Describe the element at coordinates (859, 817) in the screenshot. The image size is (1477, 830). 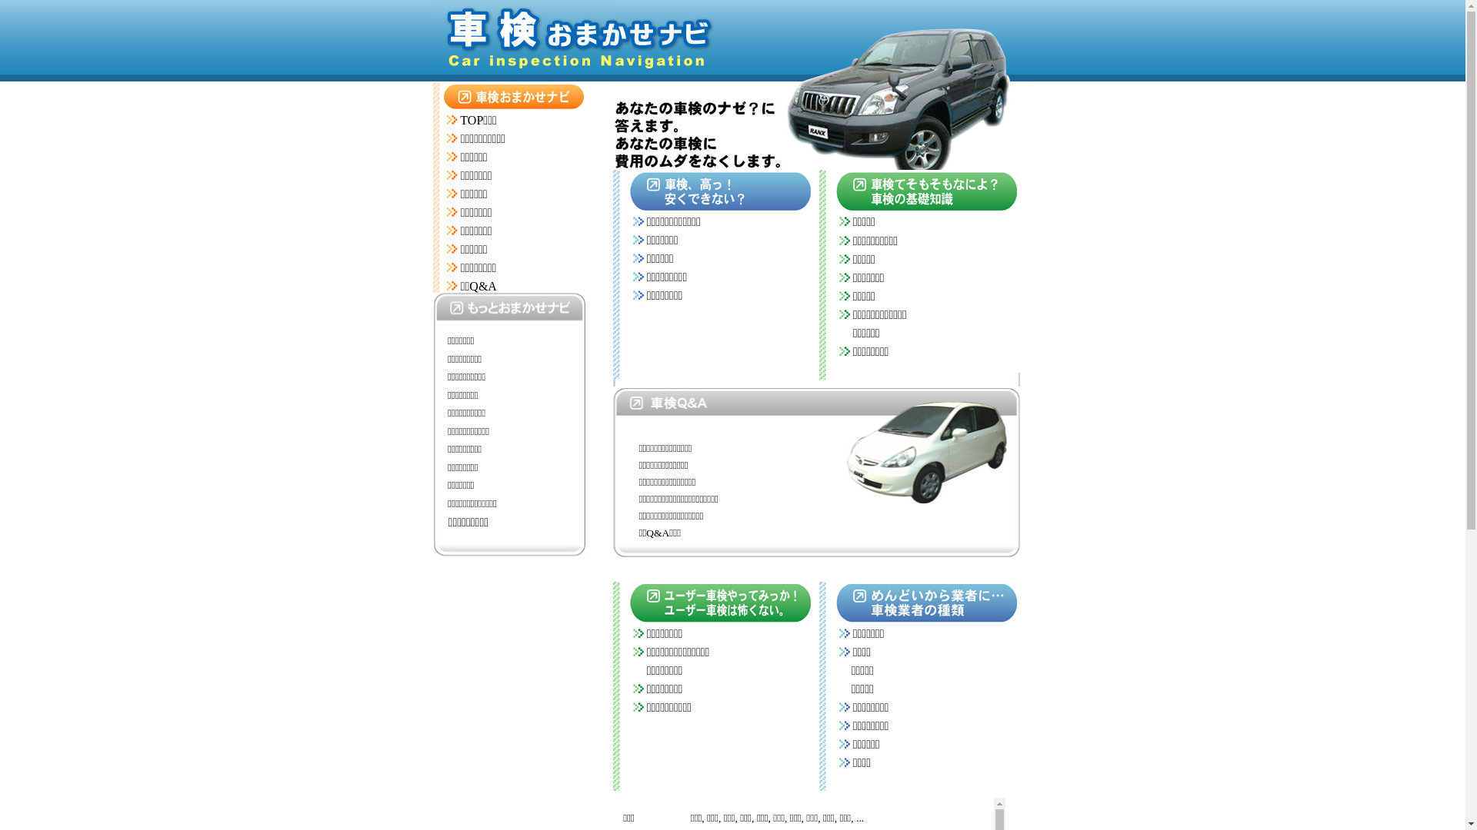
I see `'...'` at that location.